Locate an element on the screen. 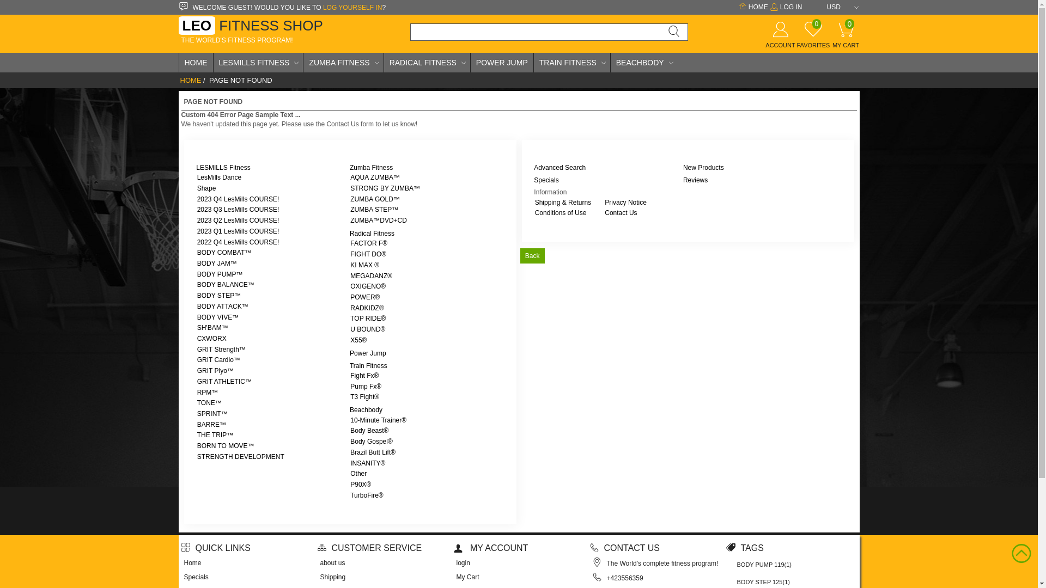 Image resolution: width=1046 pixels, height=588 pixels. ' Back ' is located at coordinates (532, 256).